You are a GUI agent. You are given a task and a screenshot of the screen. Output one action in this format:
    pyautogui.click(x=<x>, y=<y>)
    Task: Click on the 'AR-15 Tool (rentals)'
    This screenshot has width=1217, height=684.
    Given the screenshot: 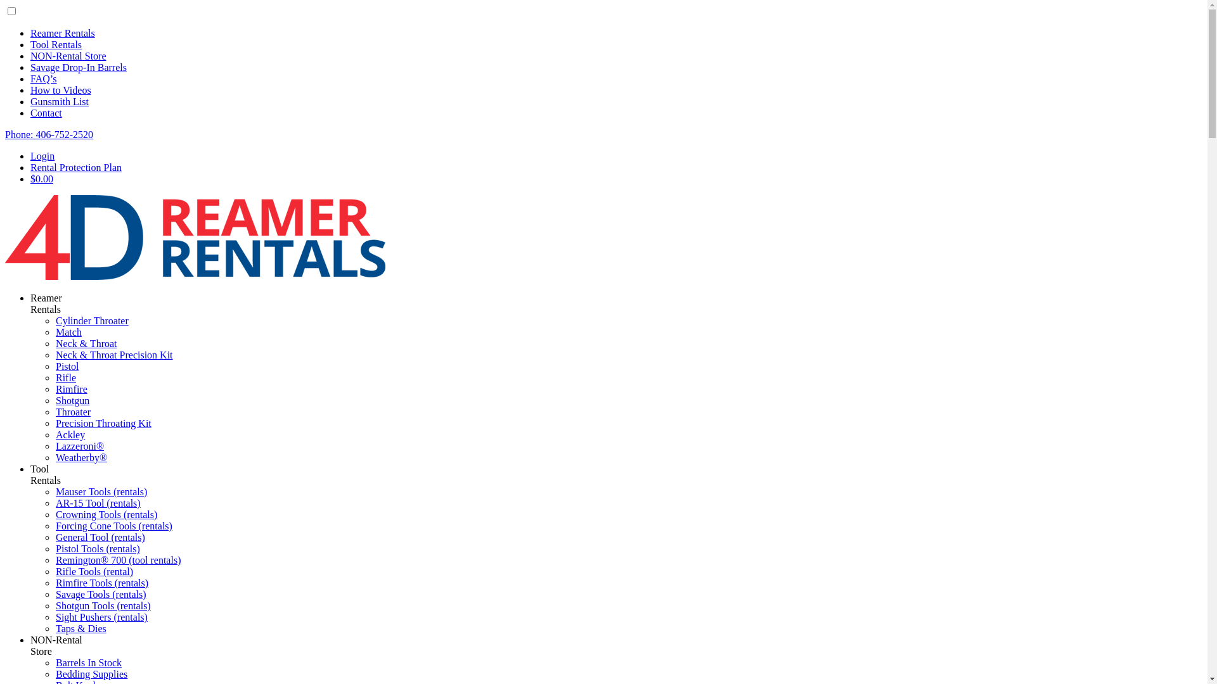 What is the action you would take?
    pyautogui.click(x=97, y=502)
    